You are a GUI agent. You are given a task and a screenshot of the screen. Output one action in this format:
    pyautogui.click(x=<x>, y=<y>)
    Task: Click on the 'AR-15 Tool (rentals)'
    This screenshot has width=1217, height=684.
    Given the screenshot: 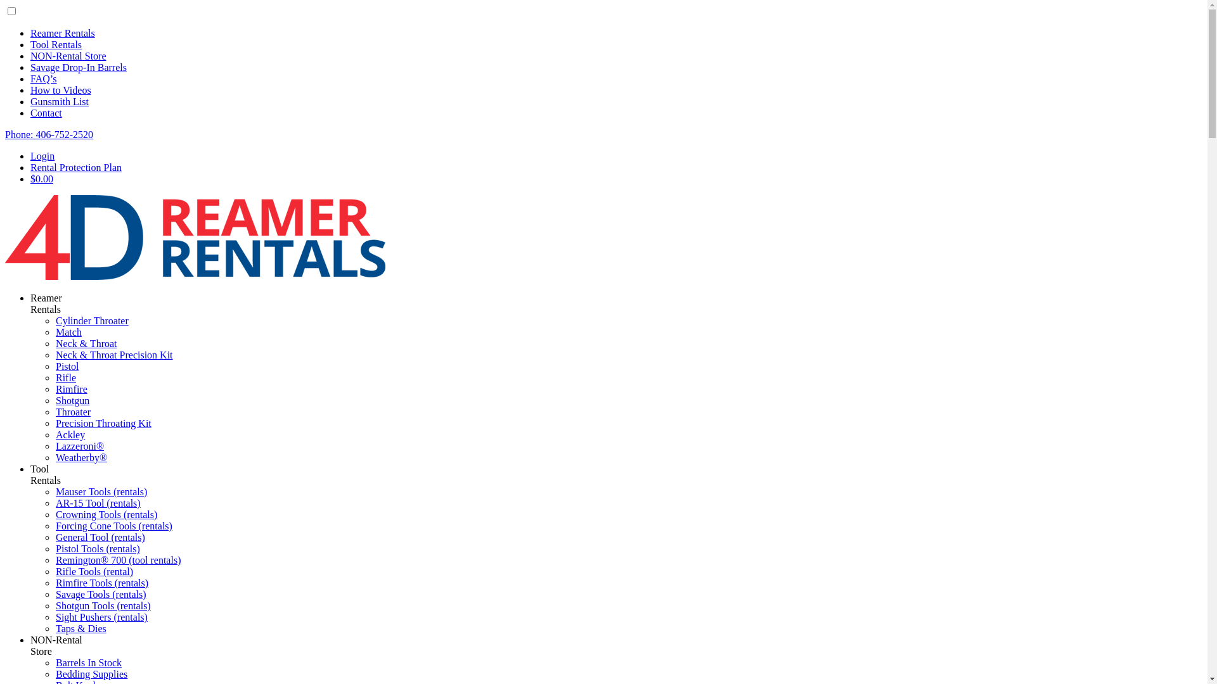 What is the action you would take?
    pyautogui.click(x=97, y=502)
    